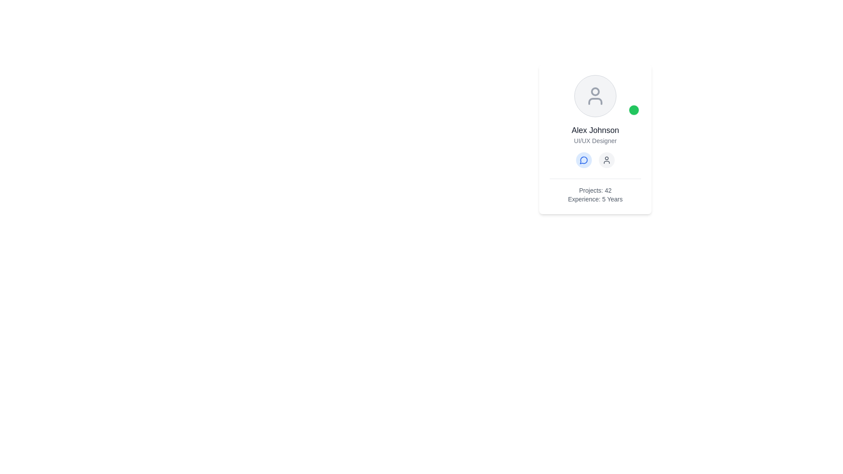 This screenshot has width=843, height=474. I want to click on the user name text label located within the profile card, positioned above 'UI/UX Designer' and below the avatar icon, so click(595, 130).